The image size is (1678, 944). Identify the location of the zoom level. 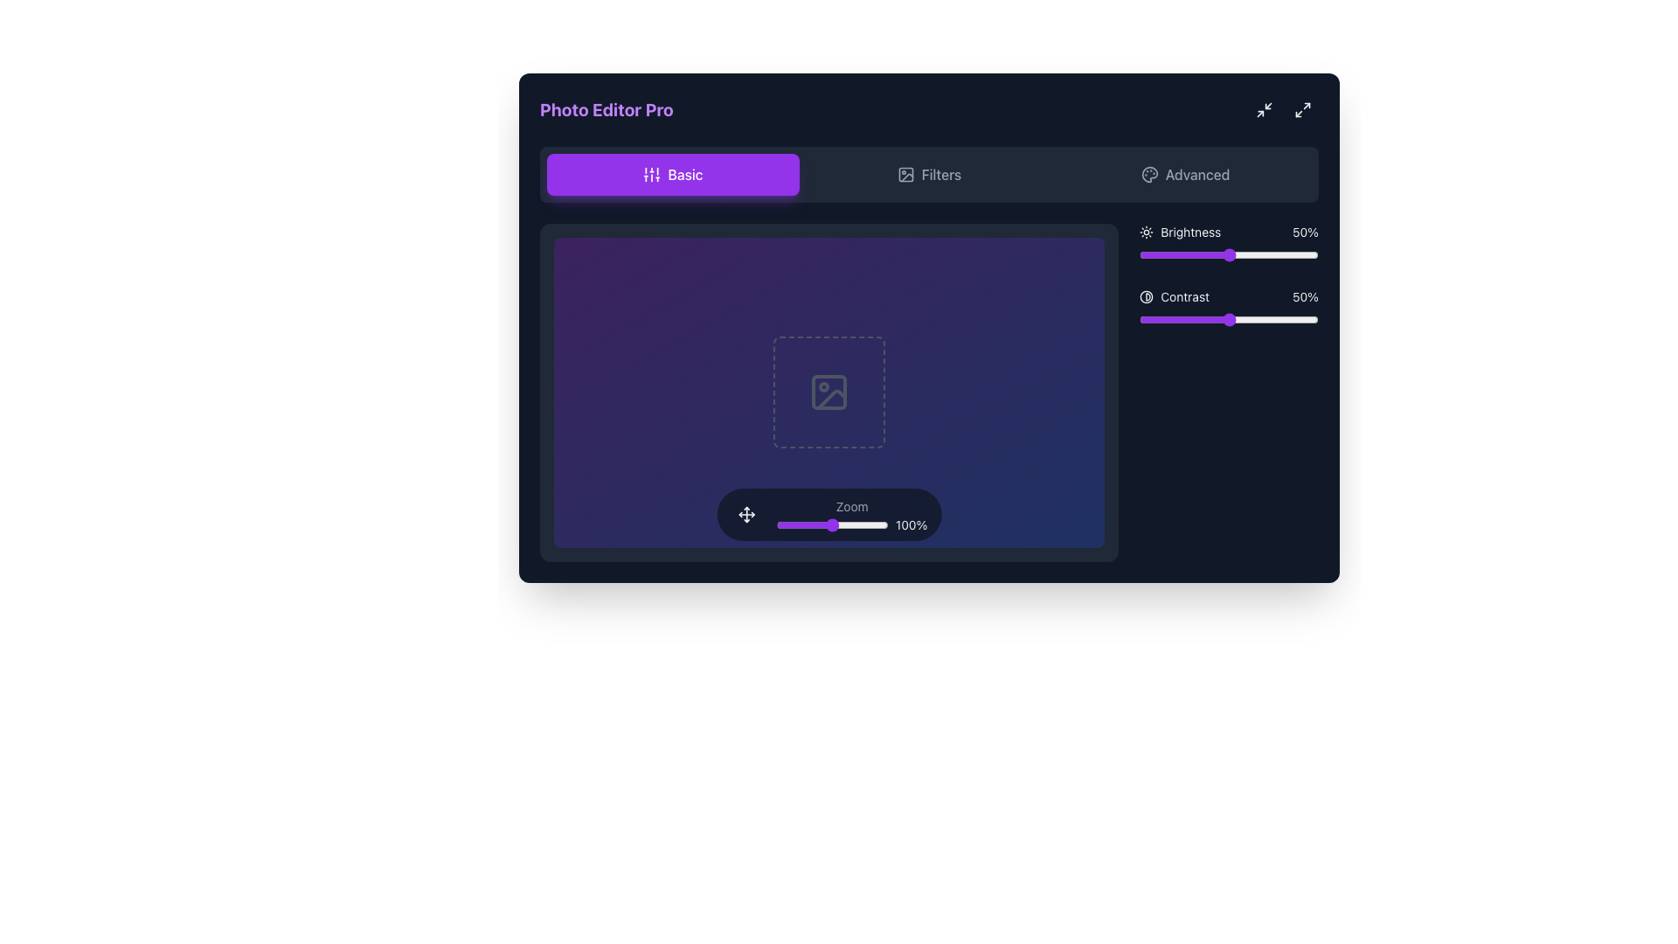
(878, 524).